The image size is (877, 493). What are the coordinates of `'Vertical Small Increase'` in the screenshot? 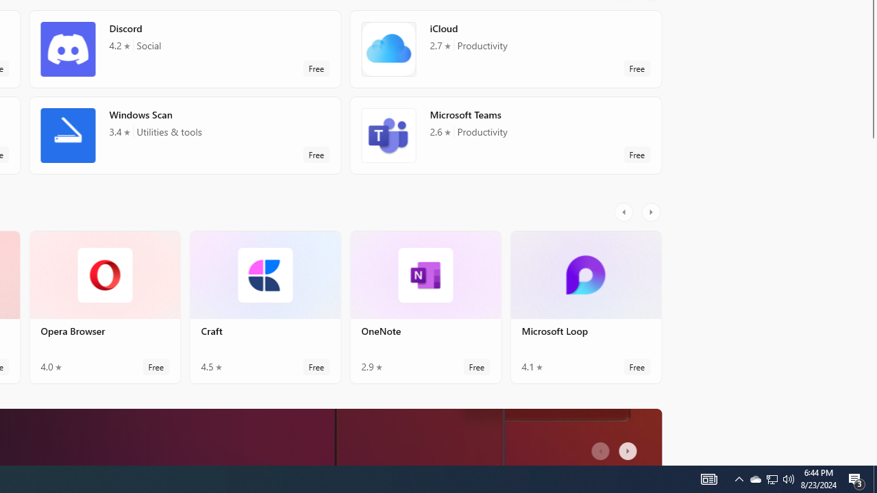 It's located at (871, 460).